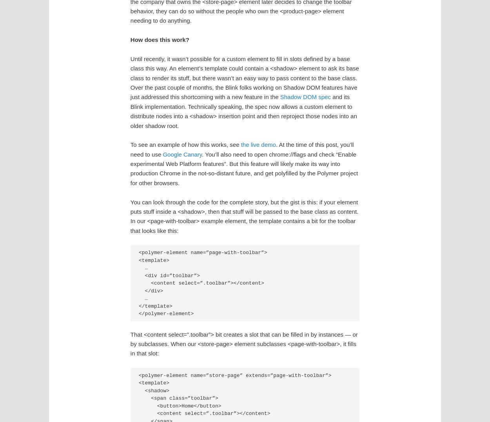 This screenshot has height=422, width=490. I want to click on '. At the time of this post, you’ll need to use', so click(241, 149).